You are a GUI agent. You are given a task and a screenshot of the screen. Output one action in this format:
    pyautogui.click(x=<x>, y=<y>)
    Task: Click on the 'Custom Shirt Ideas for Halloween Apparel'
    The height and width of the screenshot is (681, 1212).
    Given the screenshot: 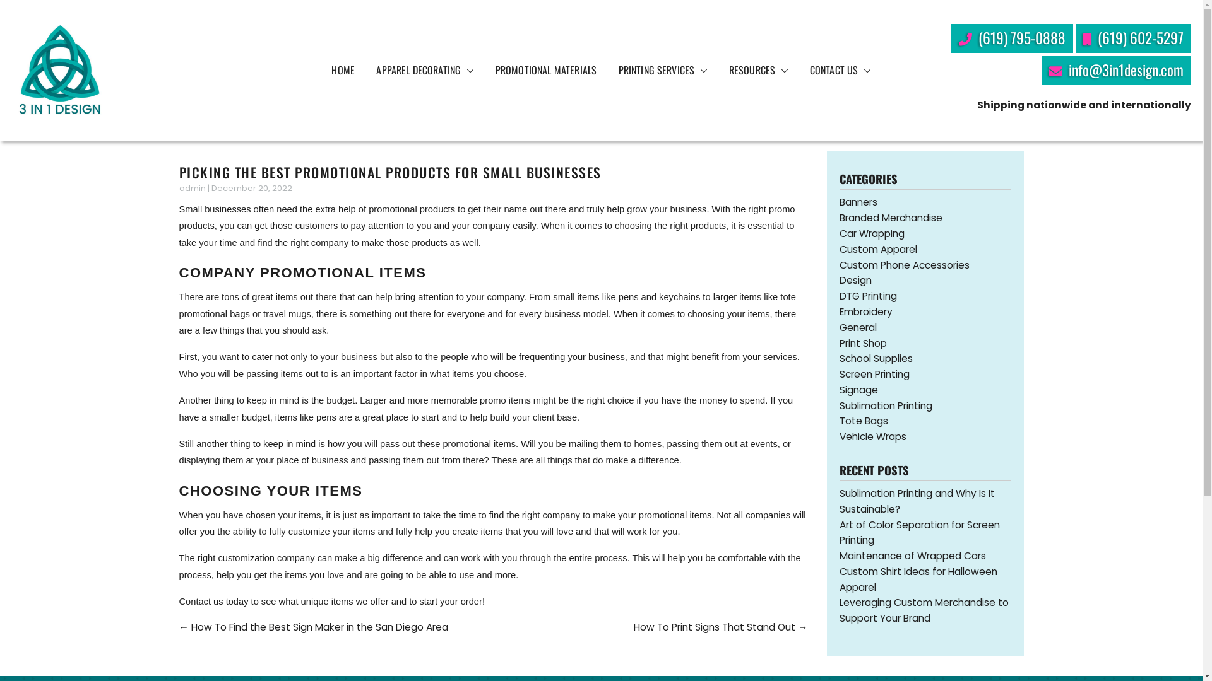 What is the action you would take?
    pyautogui.click(x=918, y=579)
    